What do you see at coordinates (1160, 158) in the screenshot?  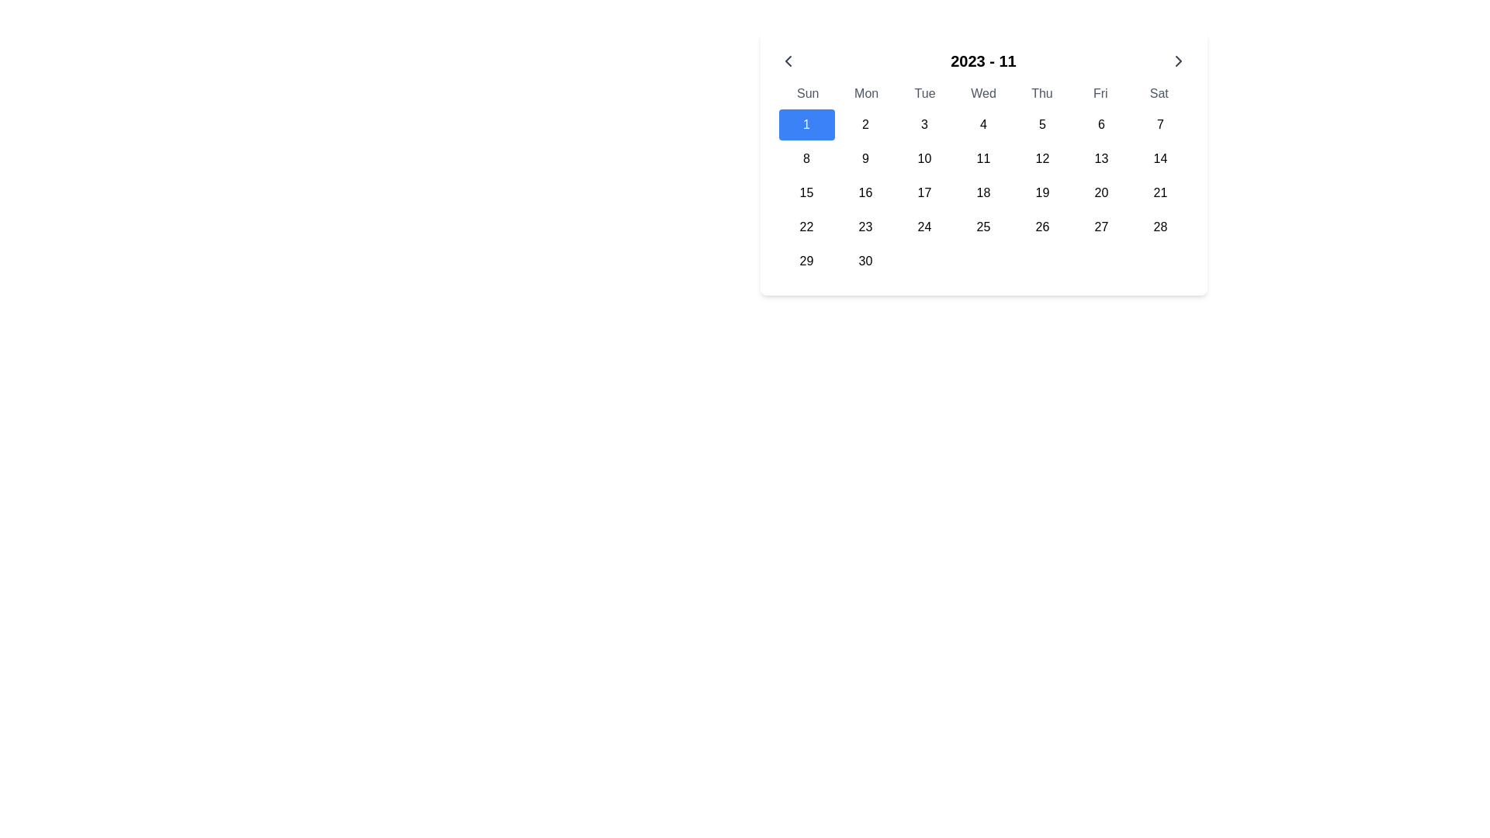 I see `the calendar day cell labeled '14' located in the second row, sixth column of the calendar interface` at bounding box center [1160, 158].